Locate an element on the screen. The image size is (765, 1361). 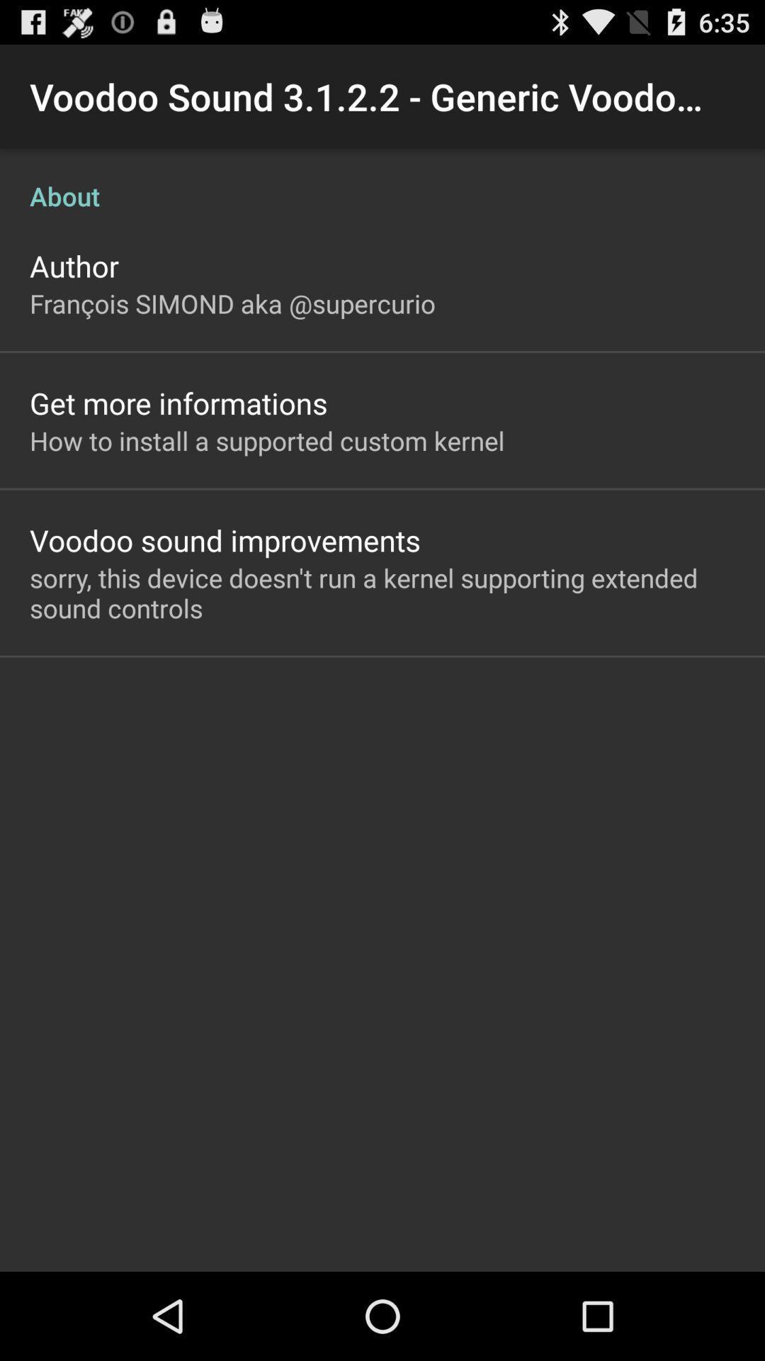
the item below the voodoo sound improvements is located at coordinates (382, 593).